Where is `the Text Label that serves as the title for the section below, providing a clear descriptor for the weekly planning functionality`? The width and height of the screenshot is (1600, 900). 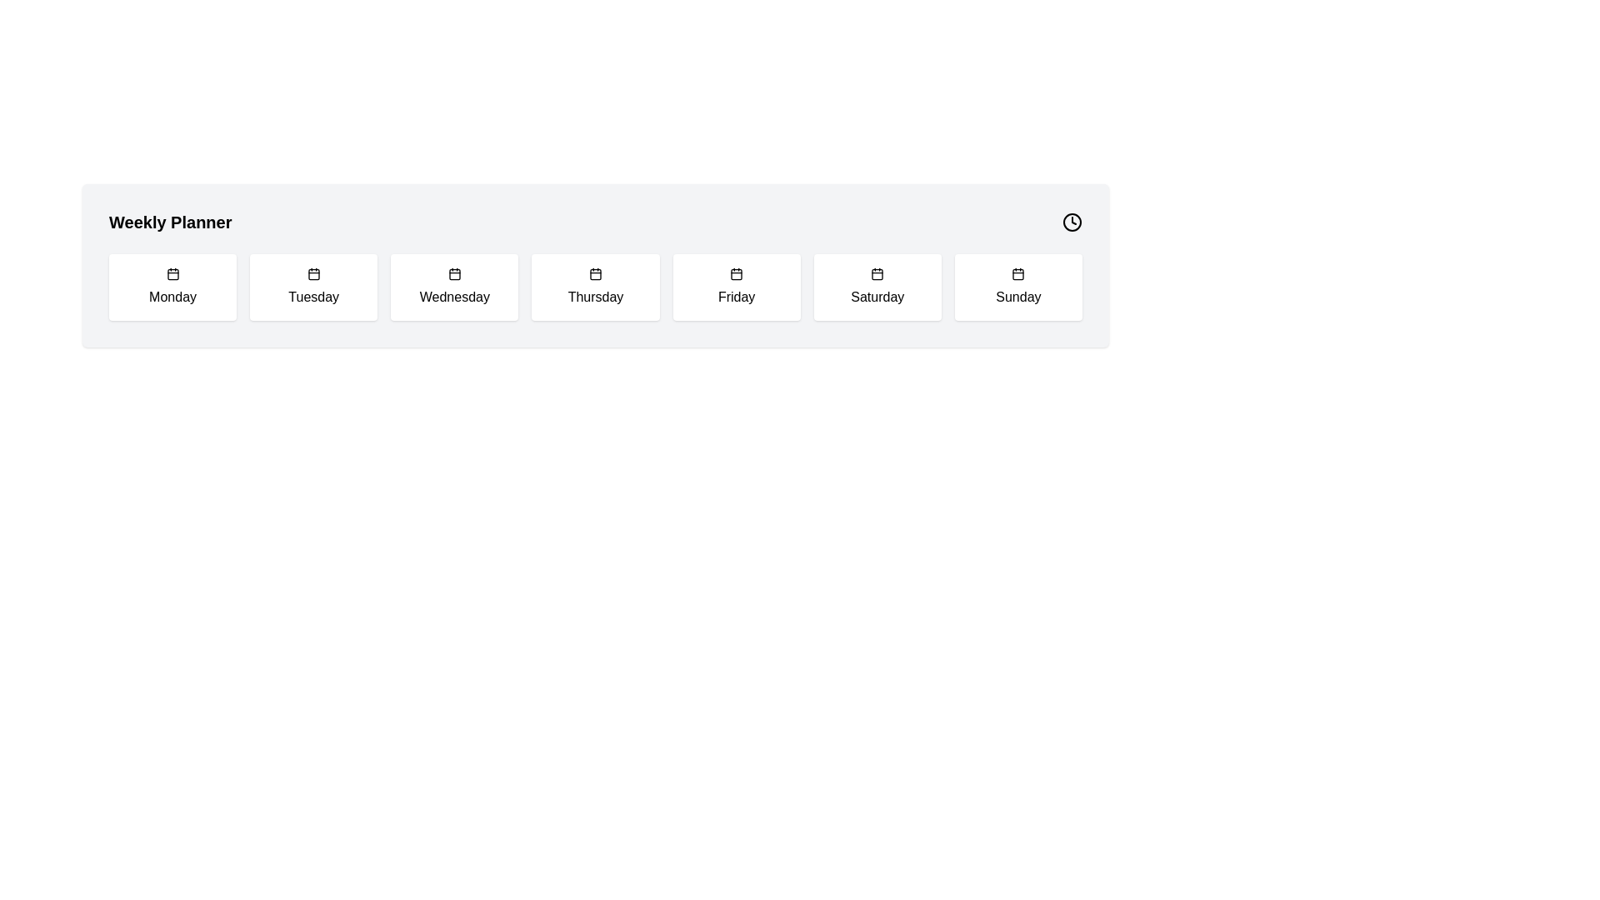 the Text Label that serves as the title for the section below, providing a clear descriptor for the weekly planning functionality is located at coordinates (170, 221).